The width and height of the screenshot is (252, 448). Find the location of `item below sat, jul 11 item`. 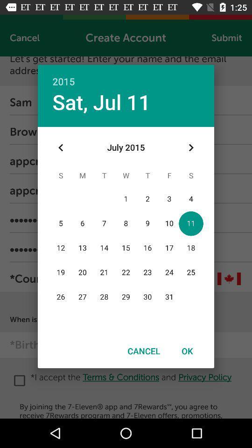

item below sat, jul 11 item is located at coordinates (61, 147).